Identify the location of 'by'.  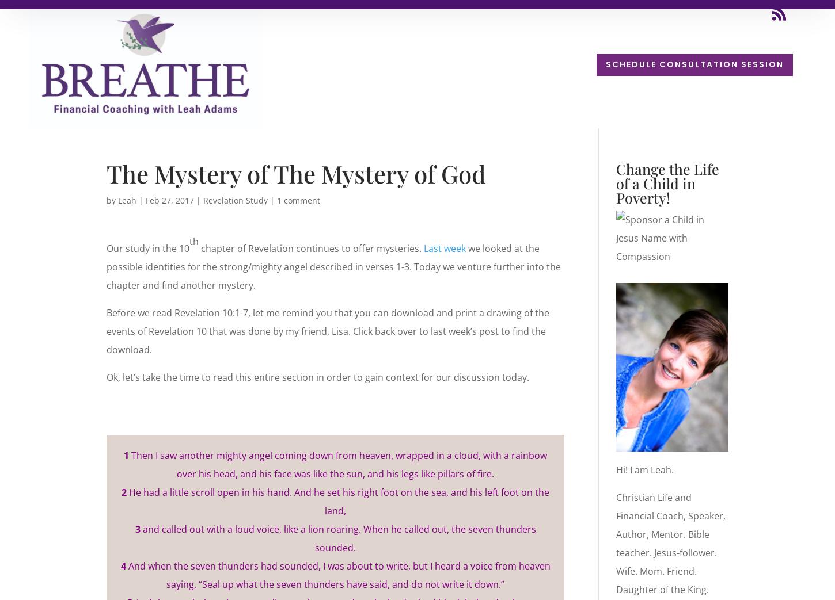
(112, 200).